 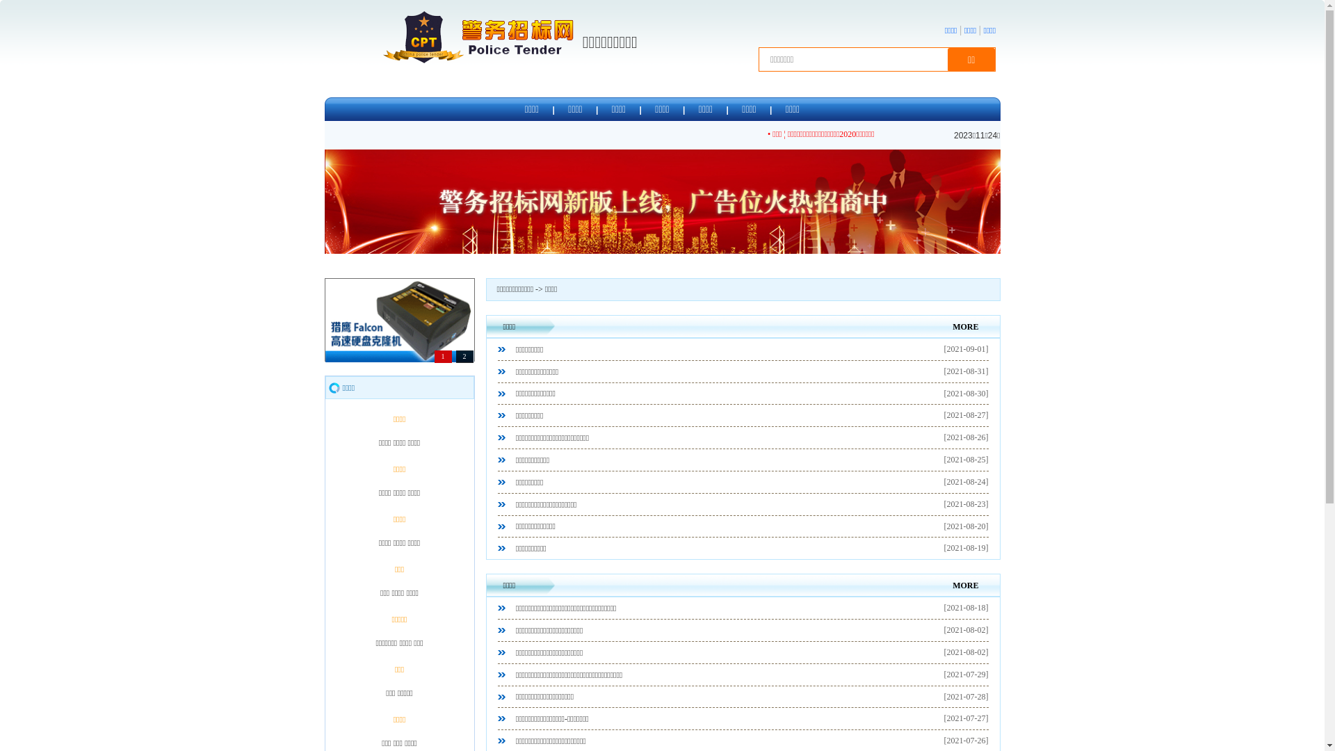 What do you see at coordinates (964, 327) in the screenshot?
I see `'MORE'` at bounding box center [964, 327].